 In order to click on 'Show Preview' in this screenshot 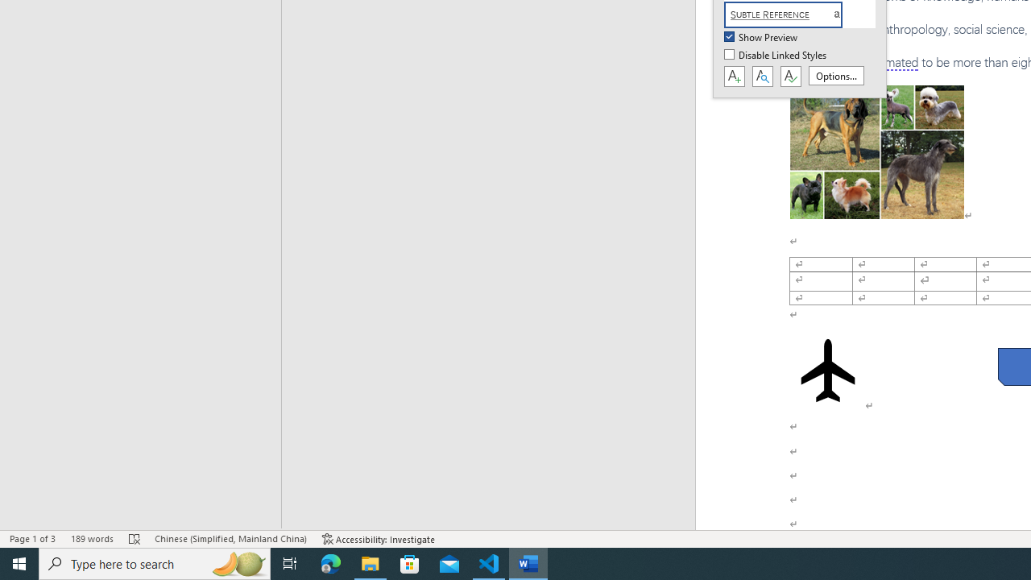, I will do `click(761, 37)`.